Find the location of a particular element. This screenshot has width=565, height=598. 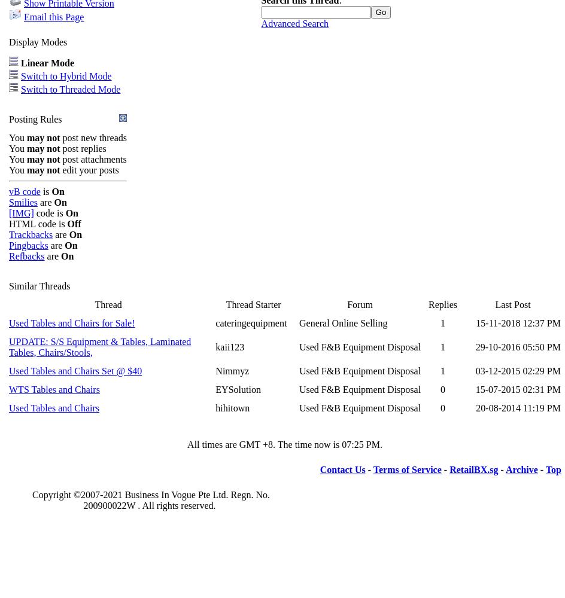

'HTML code is' is located at coordinates (37, 222).